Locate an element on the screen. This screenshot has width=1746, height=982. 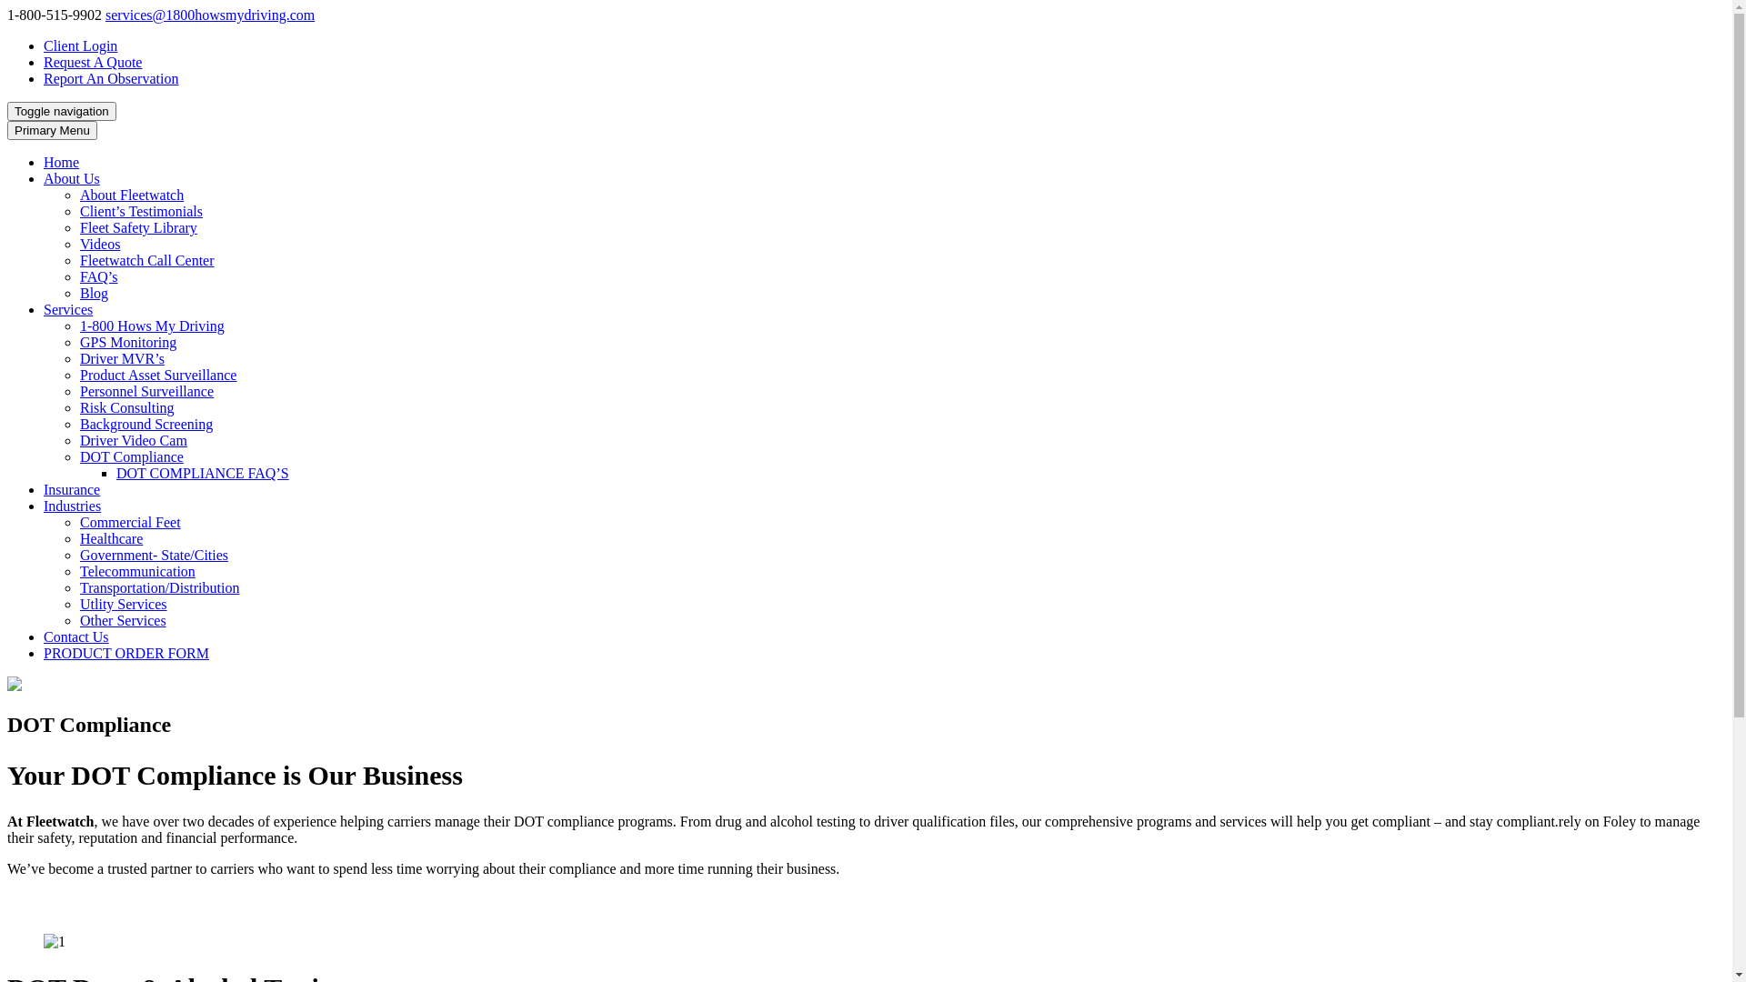
'Utlity Services' is located at coordinates (122, 604).